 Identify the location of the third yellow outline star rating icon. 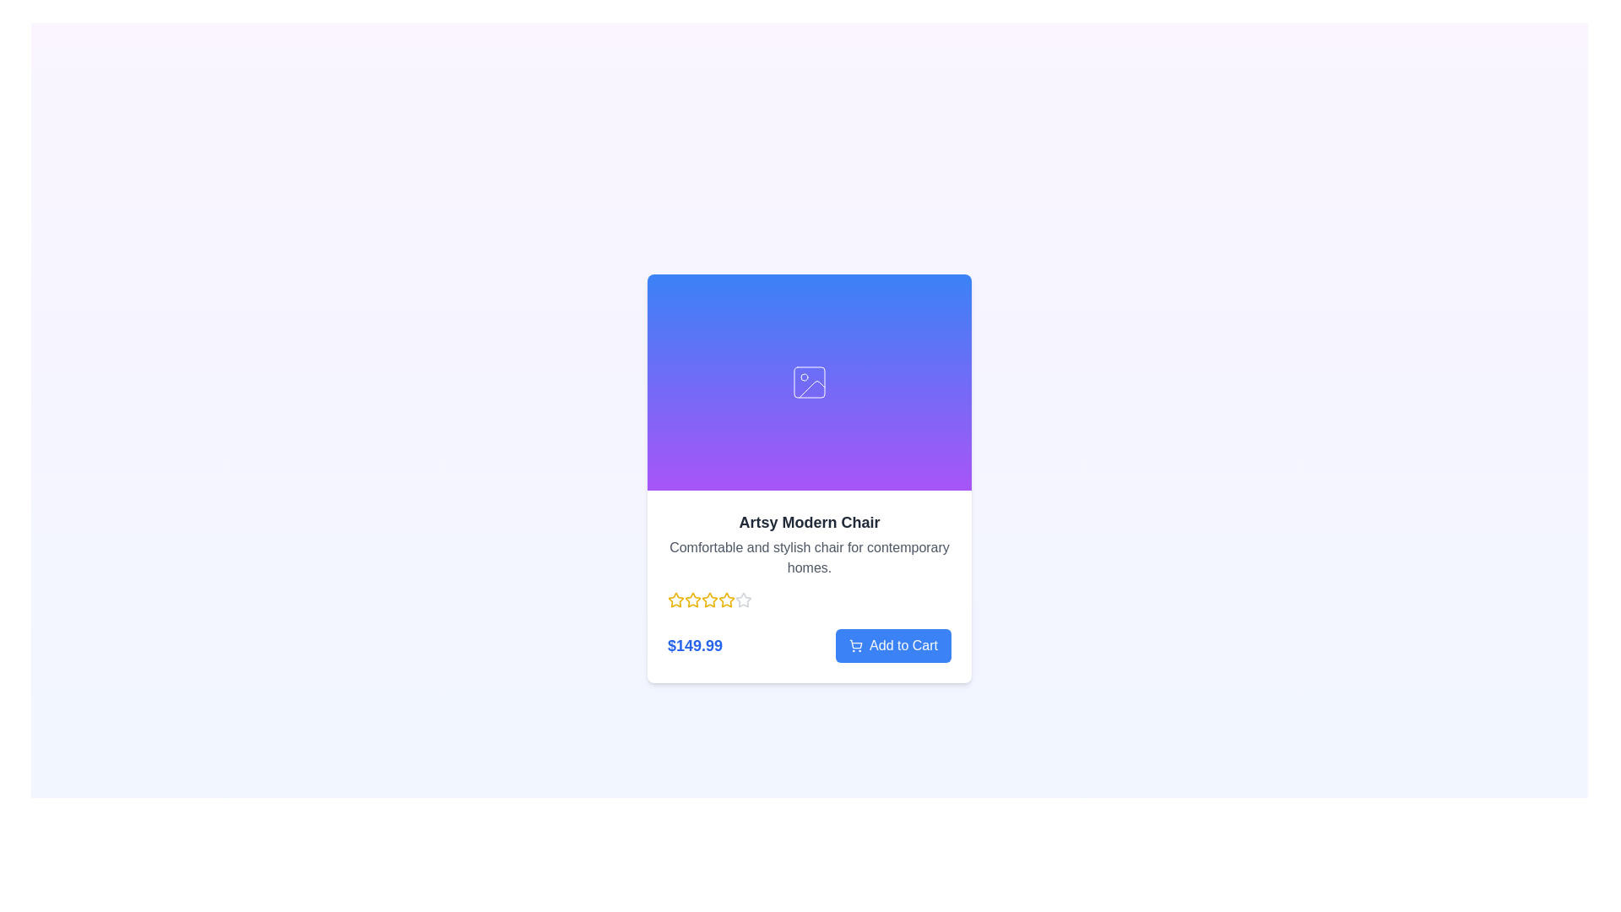
(692, 599).